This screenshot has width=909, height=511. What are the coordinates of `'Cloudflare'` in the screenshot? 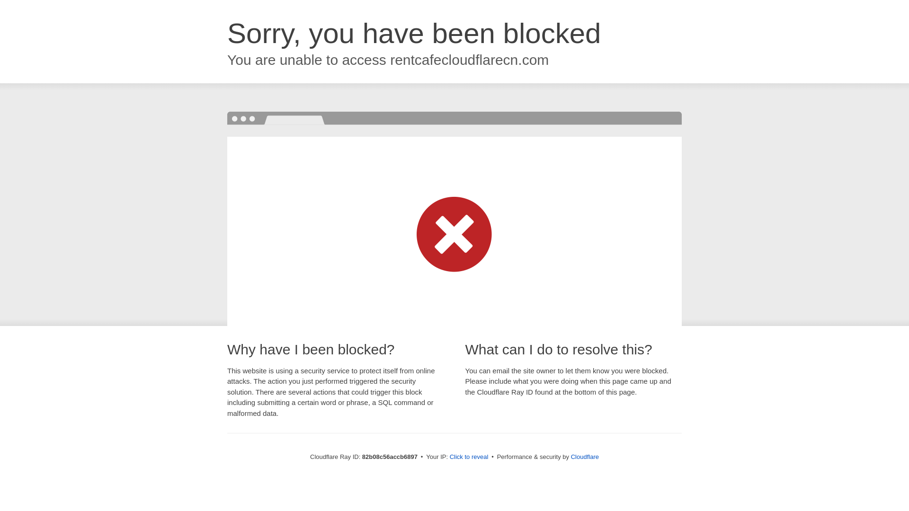 It's located at (584, 456).